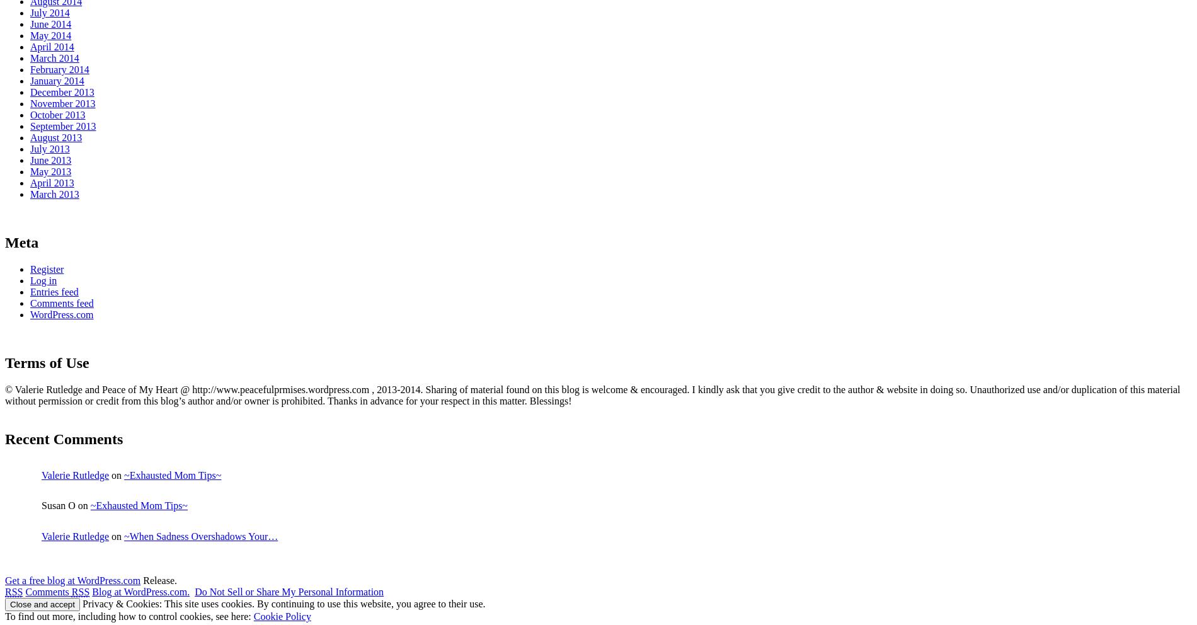 The height and width of the screenshot is (625, 1197). Describe the element at coordinates (50, 148) in the screenshot. I see `'July 2013'` at that location.